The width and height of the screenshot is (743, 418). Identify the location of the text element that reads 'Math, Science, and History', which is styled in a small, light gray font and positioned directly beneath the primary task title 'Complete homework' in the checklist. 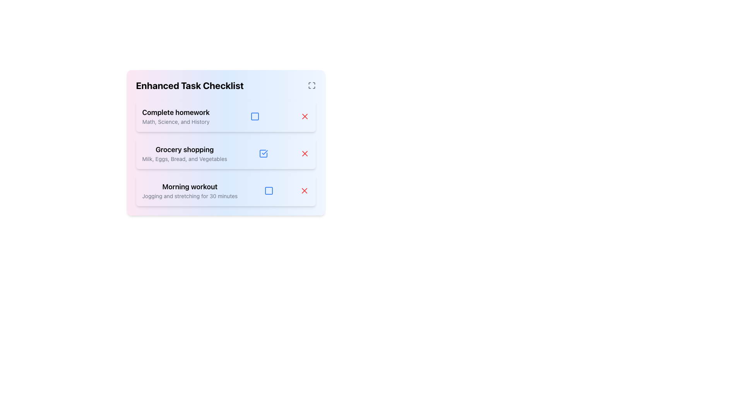
(175, 122).